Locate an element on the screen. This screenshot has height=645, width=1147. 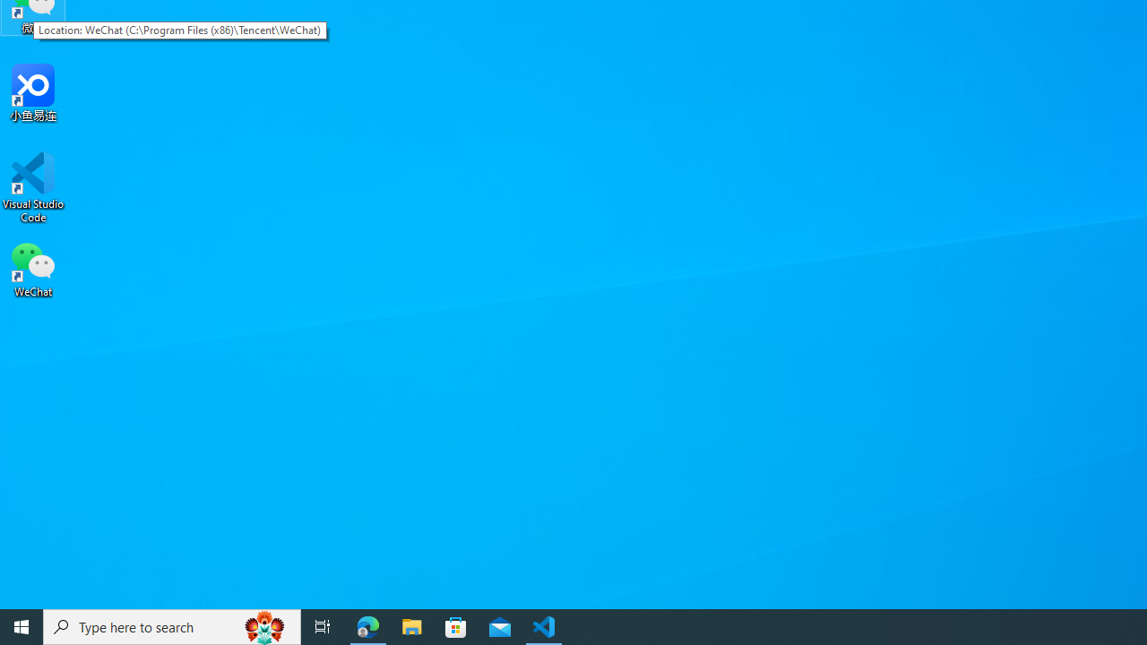
'WeChat' is located at coordinates (33, 268).